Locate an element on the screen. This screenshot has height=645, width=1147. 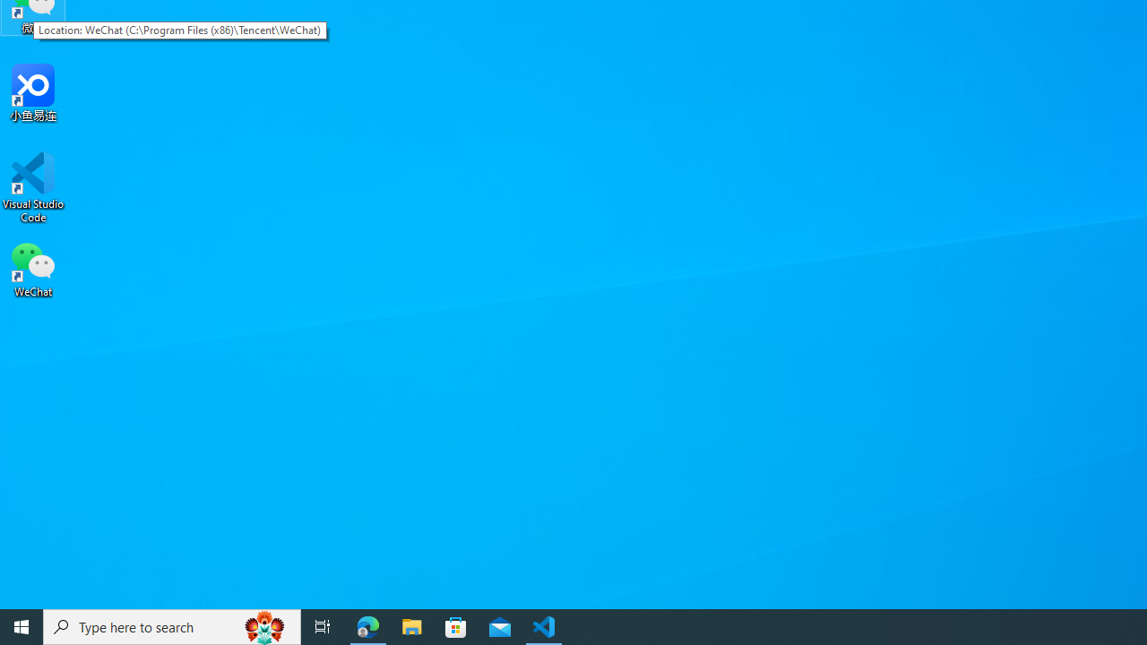
'WeChat' is located at coordinates (33, 268).